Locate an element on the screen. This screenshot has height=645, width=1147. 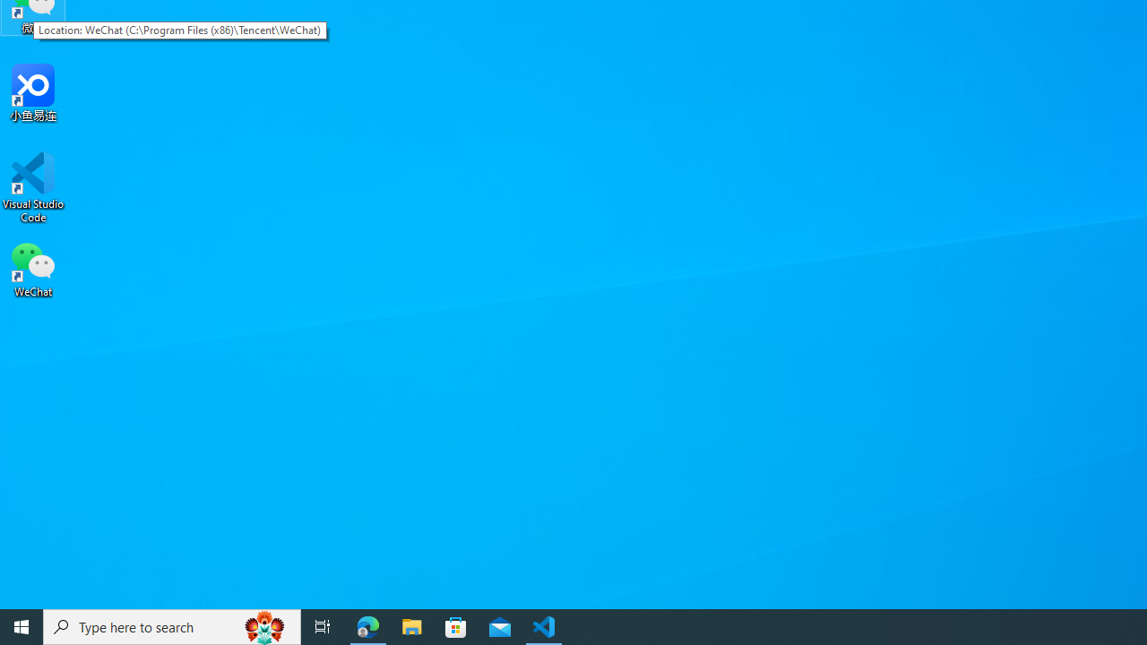
'WeChat' is located at coordinates (33, 268).